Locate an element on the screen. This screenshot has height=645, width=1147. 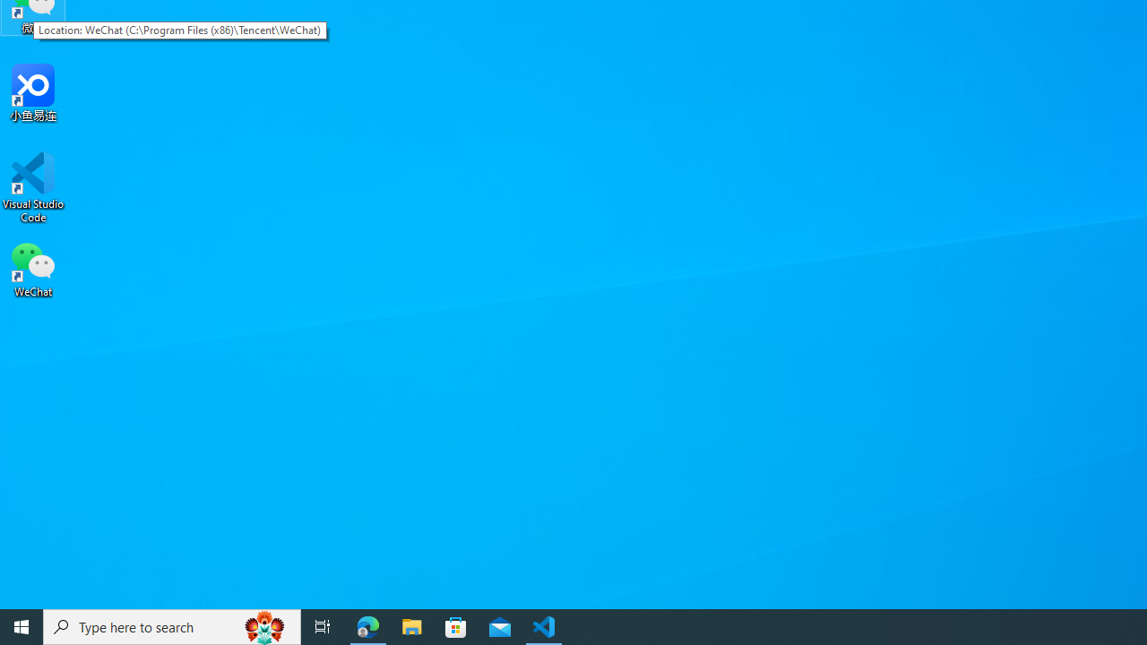
'WeChat' is located at coordinates (33, 268).